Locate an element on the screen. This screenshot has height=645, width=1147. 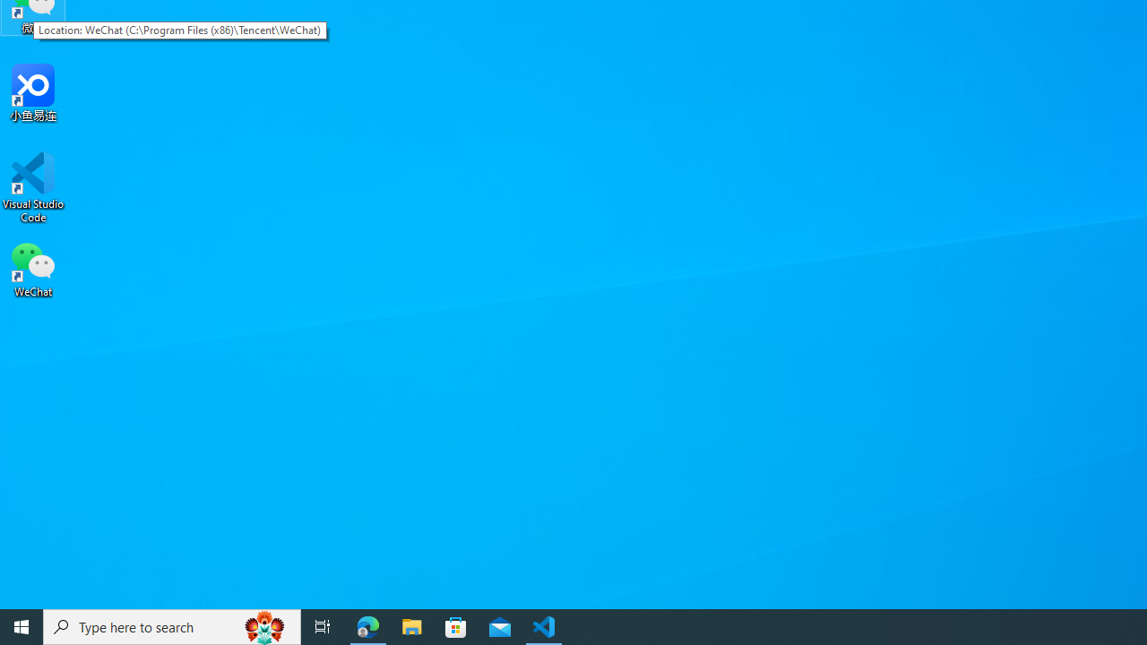
'WeChat' is located at coordinates (33, 268).